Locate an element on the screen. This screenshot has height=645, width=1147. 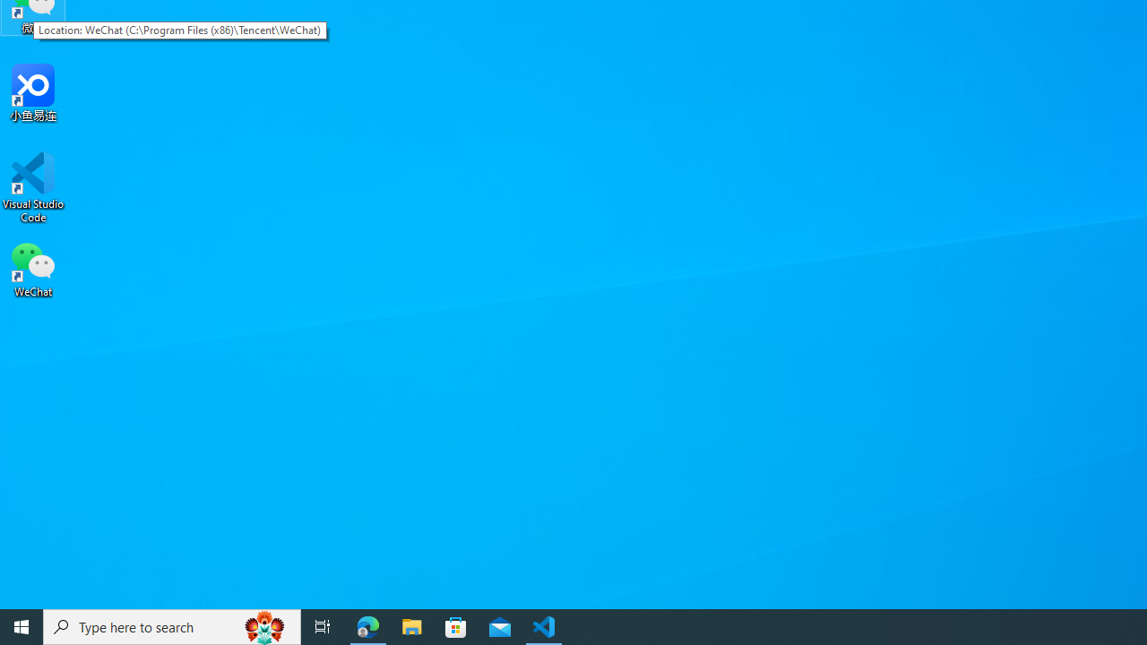
'WeChat' is located at coordinates (33, 268).